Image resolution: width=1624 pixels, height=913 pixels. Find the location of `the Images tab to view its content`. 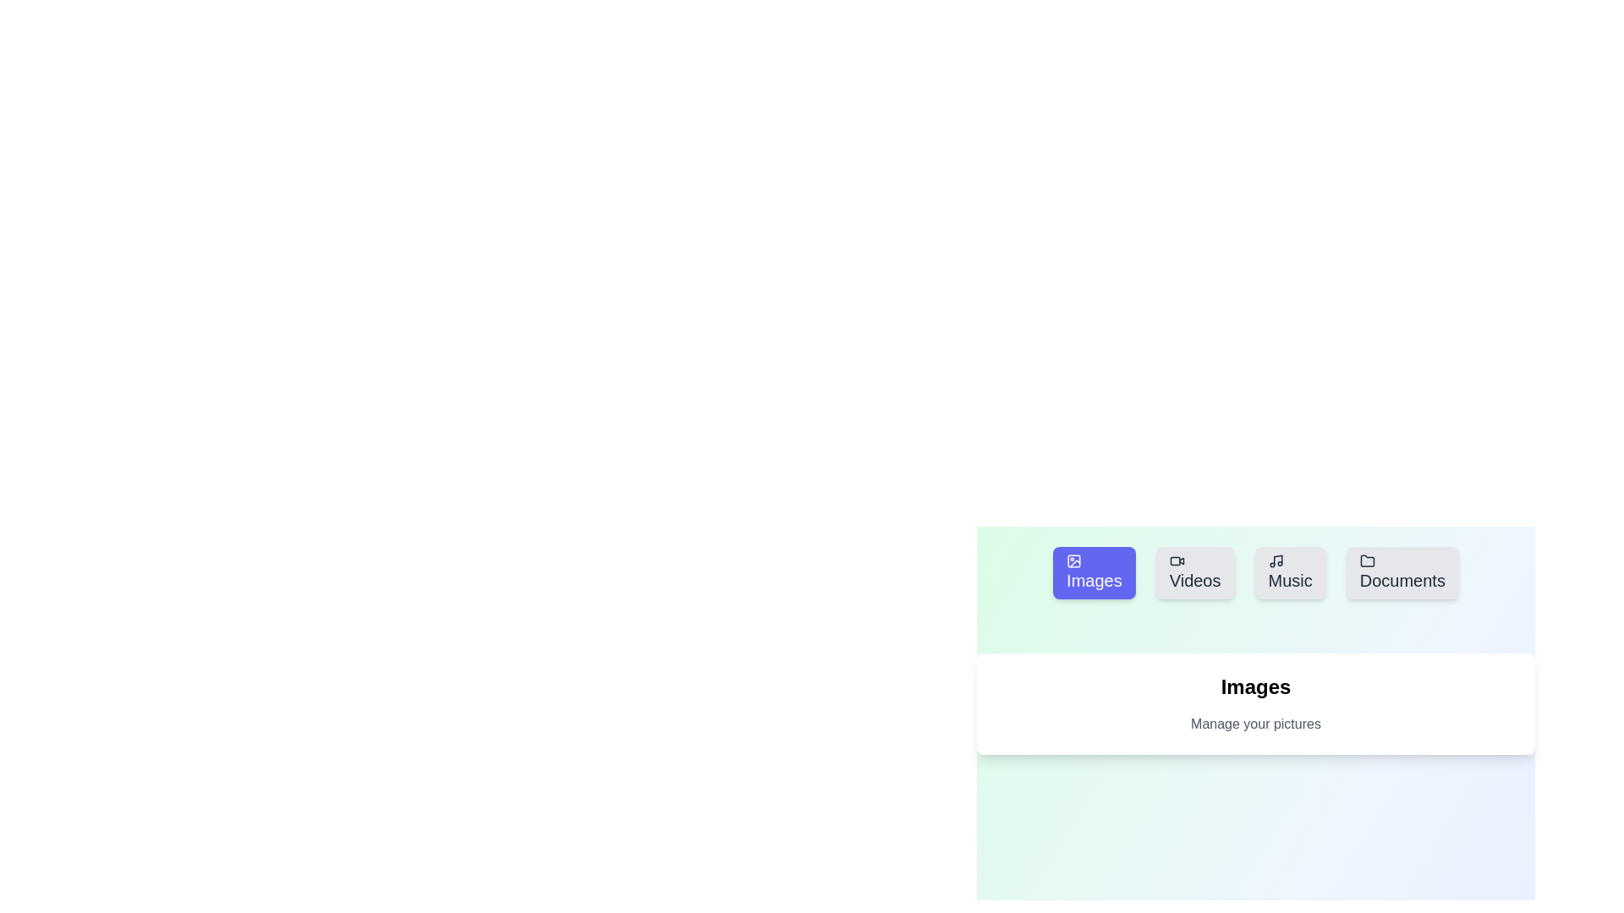

the Images tab to view its content is located at coordinates (1094, 572).